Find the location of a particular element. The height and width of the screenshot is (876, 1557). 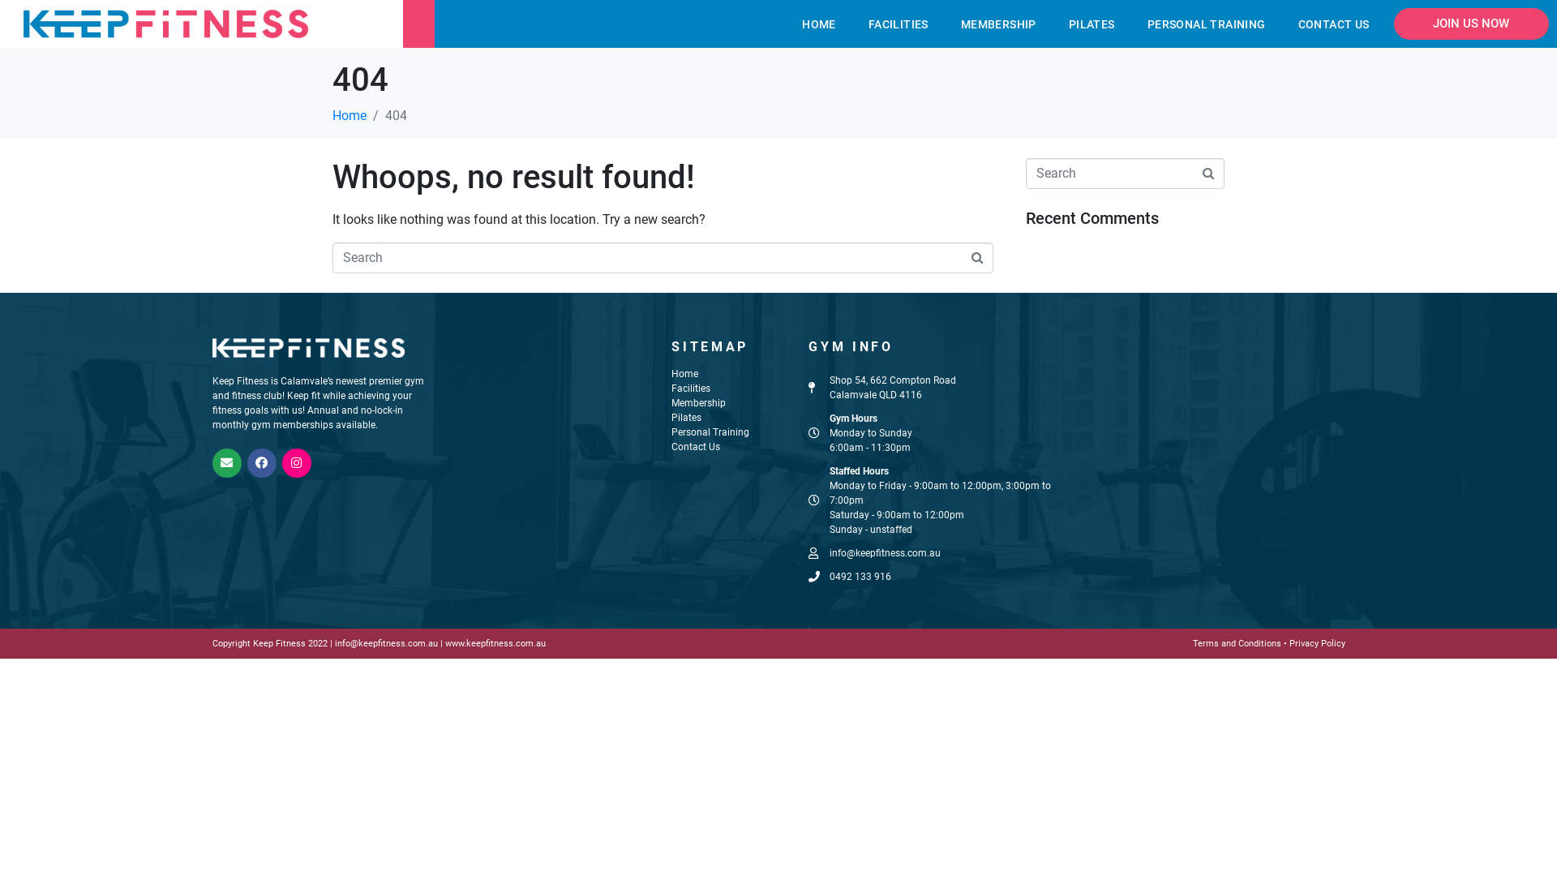

'HOME' is located at coordinates (818, 24).